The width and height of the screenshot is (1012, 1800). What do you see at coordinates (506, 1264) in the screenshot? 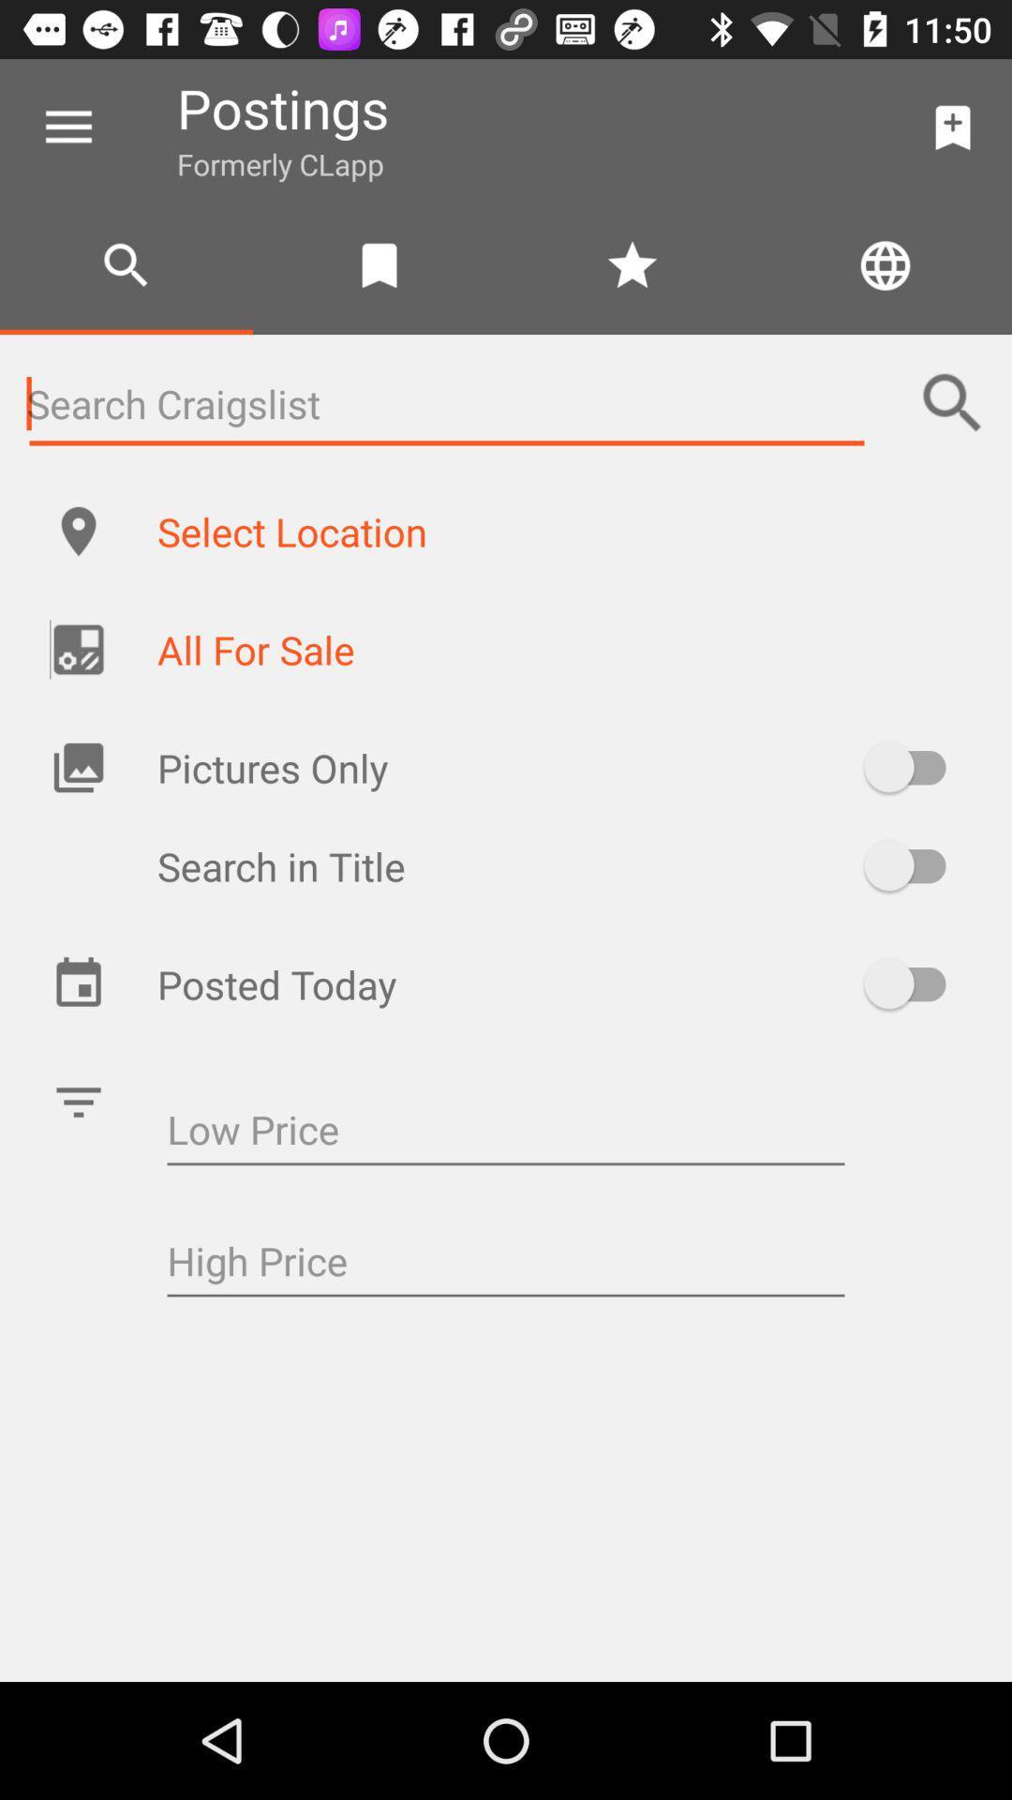
I see `high price input` at bounding box center [506, 1264].